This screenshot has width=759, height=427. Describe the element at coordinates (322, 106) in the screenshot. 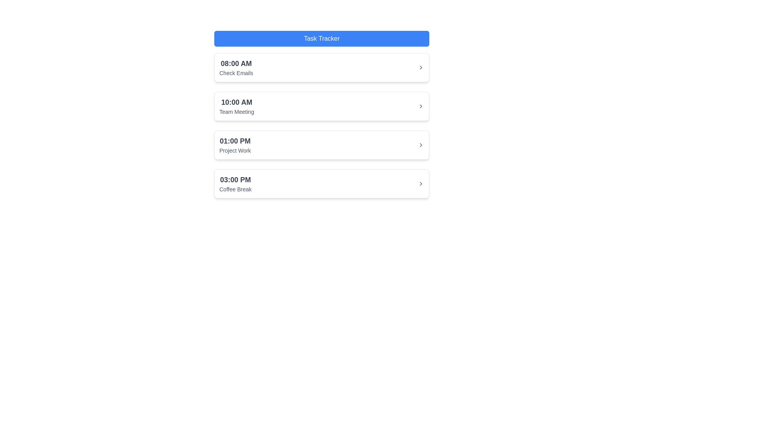

I see `the second list item displaying '10:00 AM' and 'Team Meeting'` at that location.